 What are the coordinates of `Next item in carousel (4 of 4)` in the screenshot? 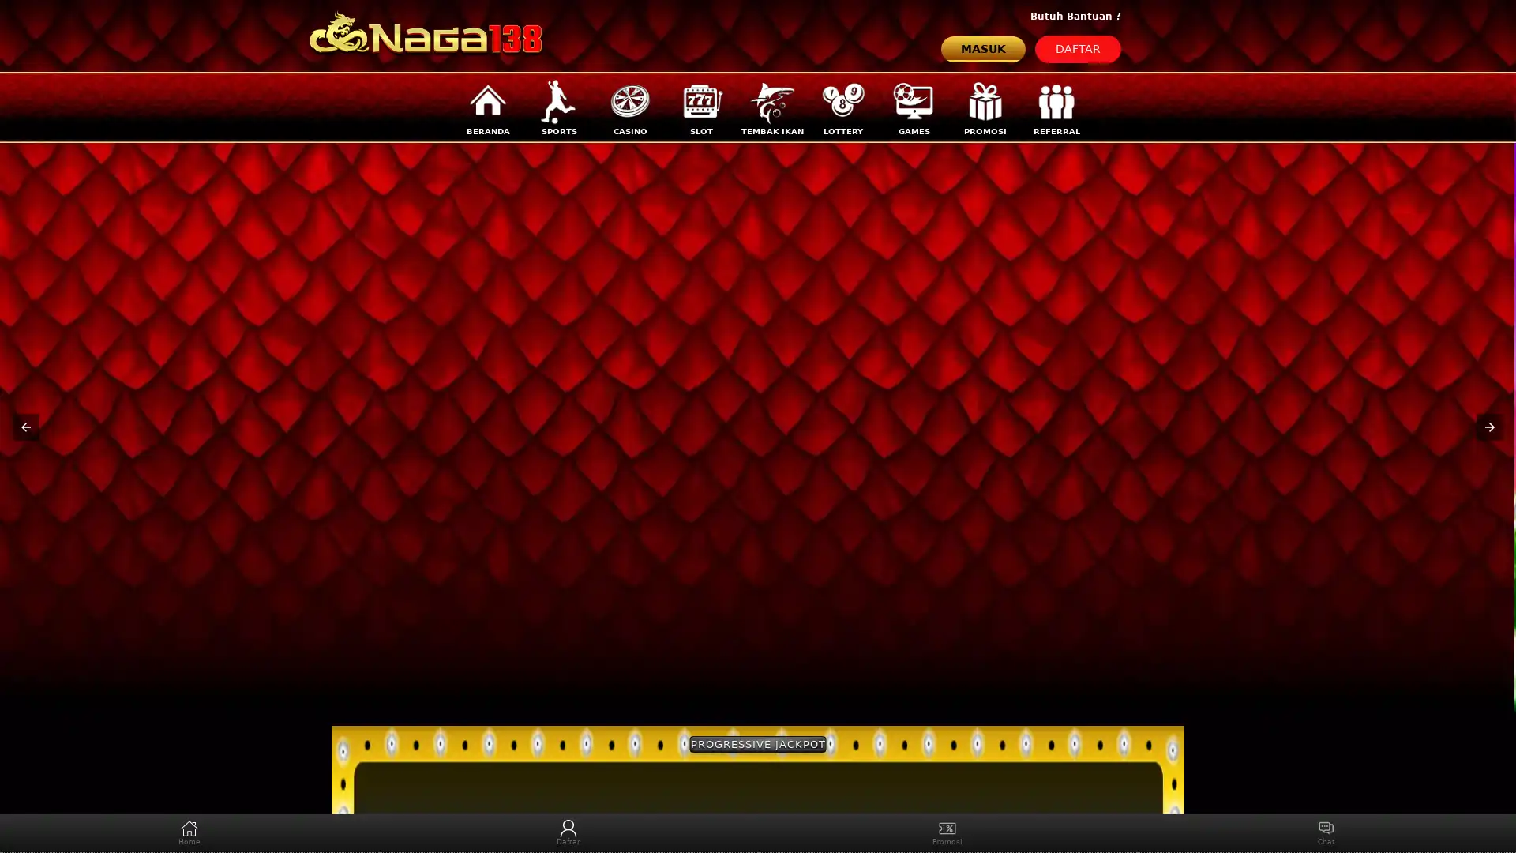 It's located at (1488, 426).